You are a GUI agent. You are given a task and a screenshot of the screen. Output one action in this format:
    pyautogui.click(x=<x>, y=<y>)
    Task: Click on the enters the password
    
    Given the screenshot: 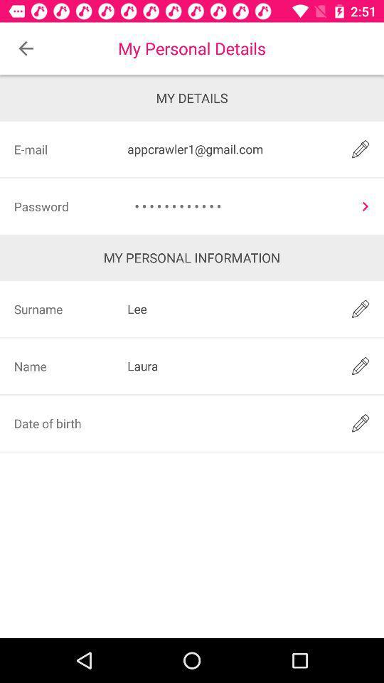 What is the action you would take?
    pyautogui.click(x=365, y=206)
    